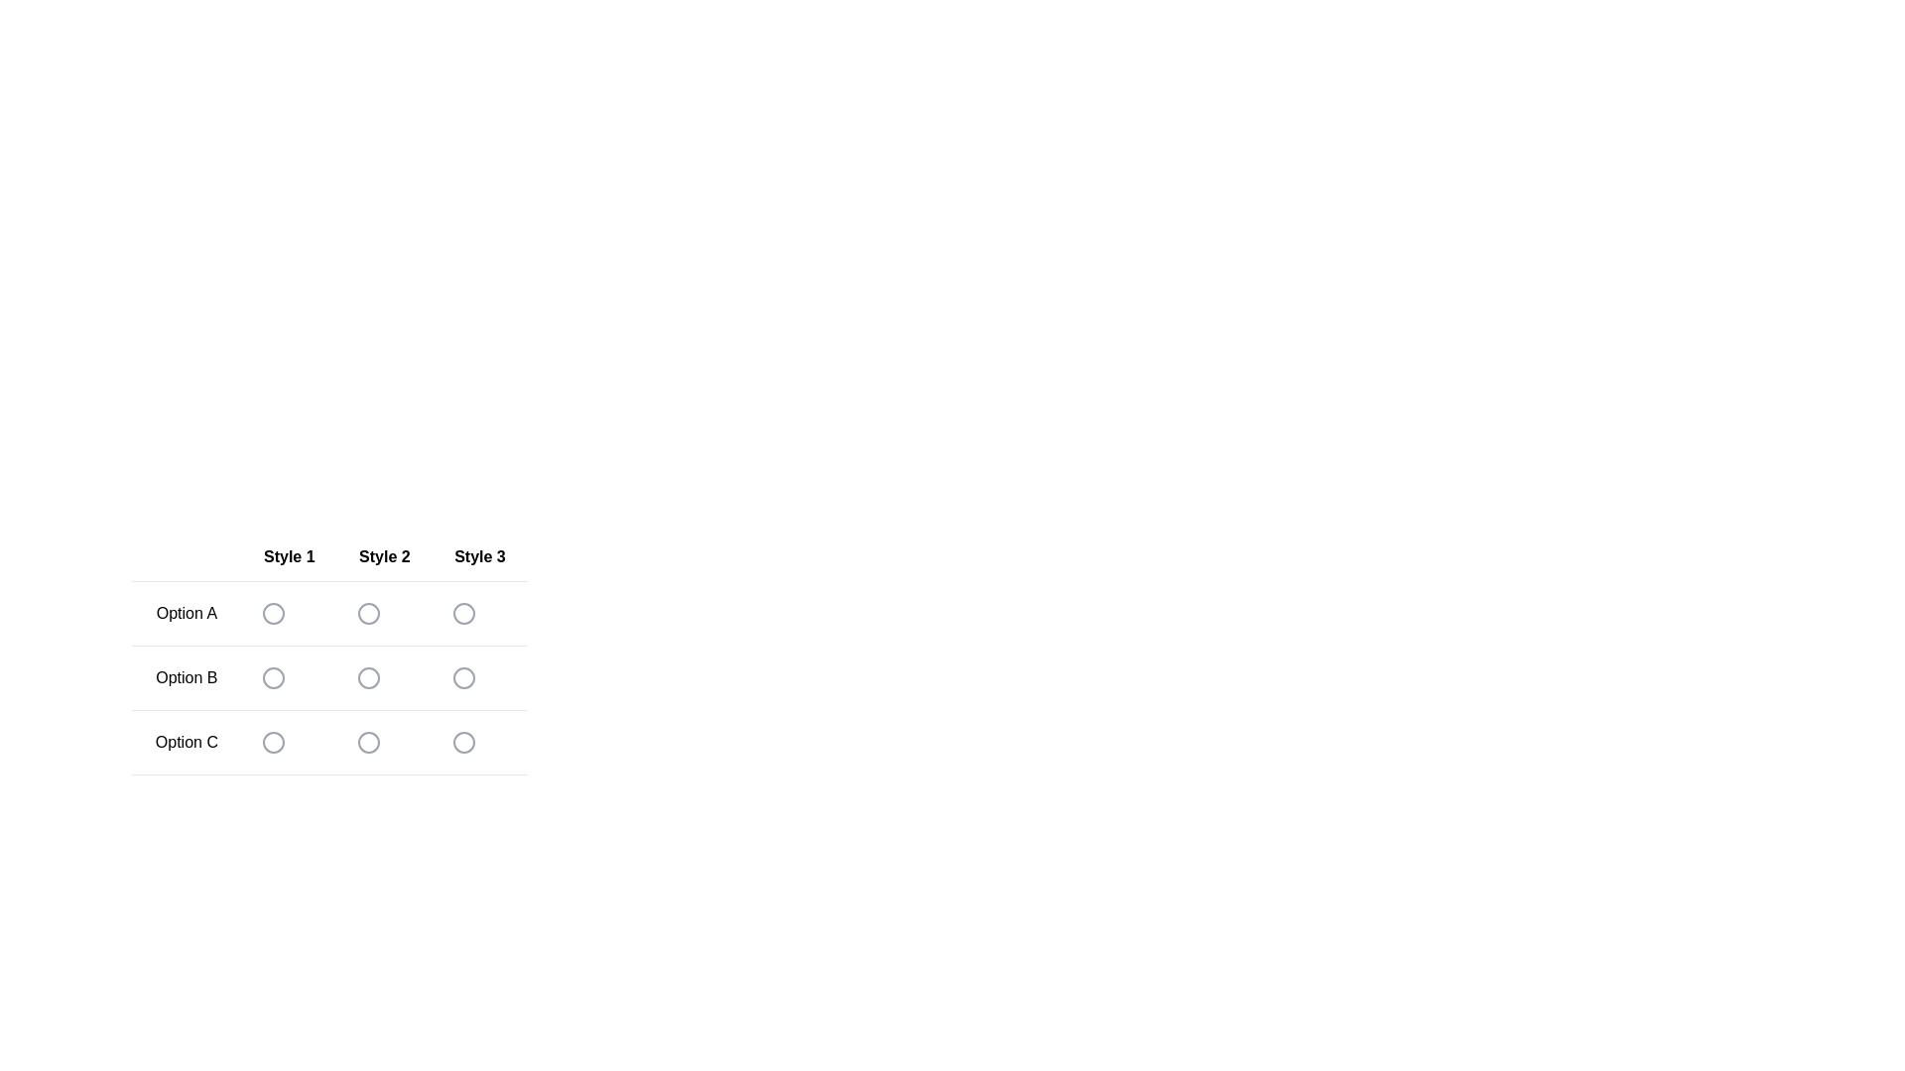 The image size is (1905, 1071). What do you see at coordinates (368, 676) in the screenshot?
I see `the radio button labeled 'Option B' under the header 'Style 2'` at bounding box center [368, 676].